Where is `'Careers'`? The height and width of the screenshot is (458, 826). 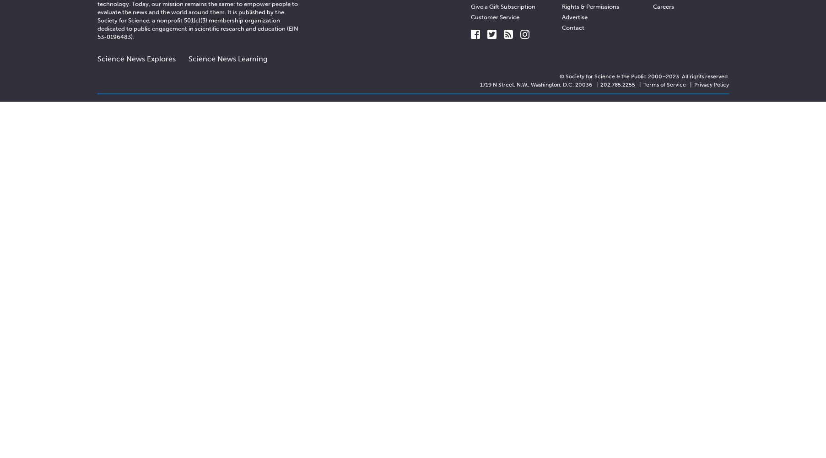 'Careers' is located at coordinates (663, 6).